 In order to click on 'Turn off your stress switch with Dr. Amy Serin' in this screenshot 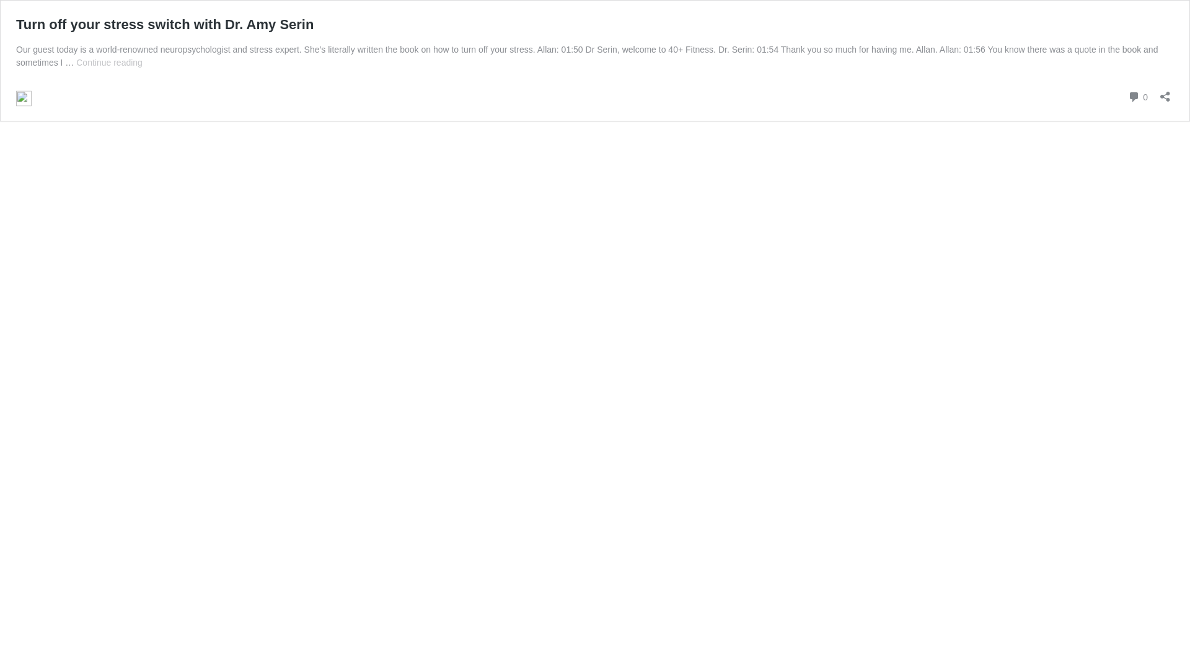, I will do `click(164, 24)`.